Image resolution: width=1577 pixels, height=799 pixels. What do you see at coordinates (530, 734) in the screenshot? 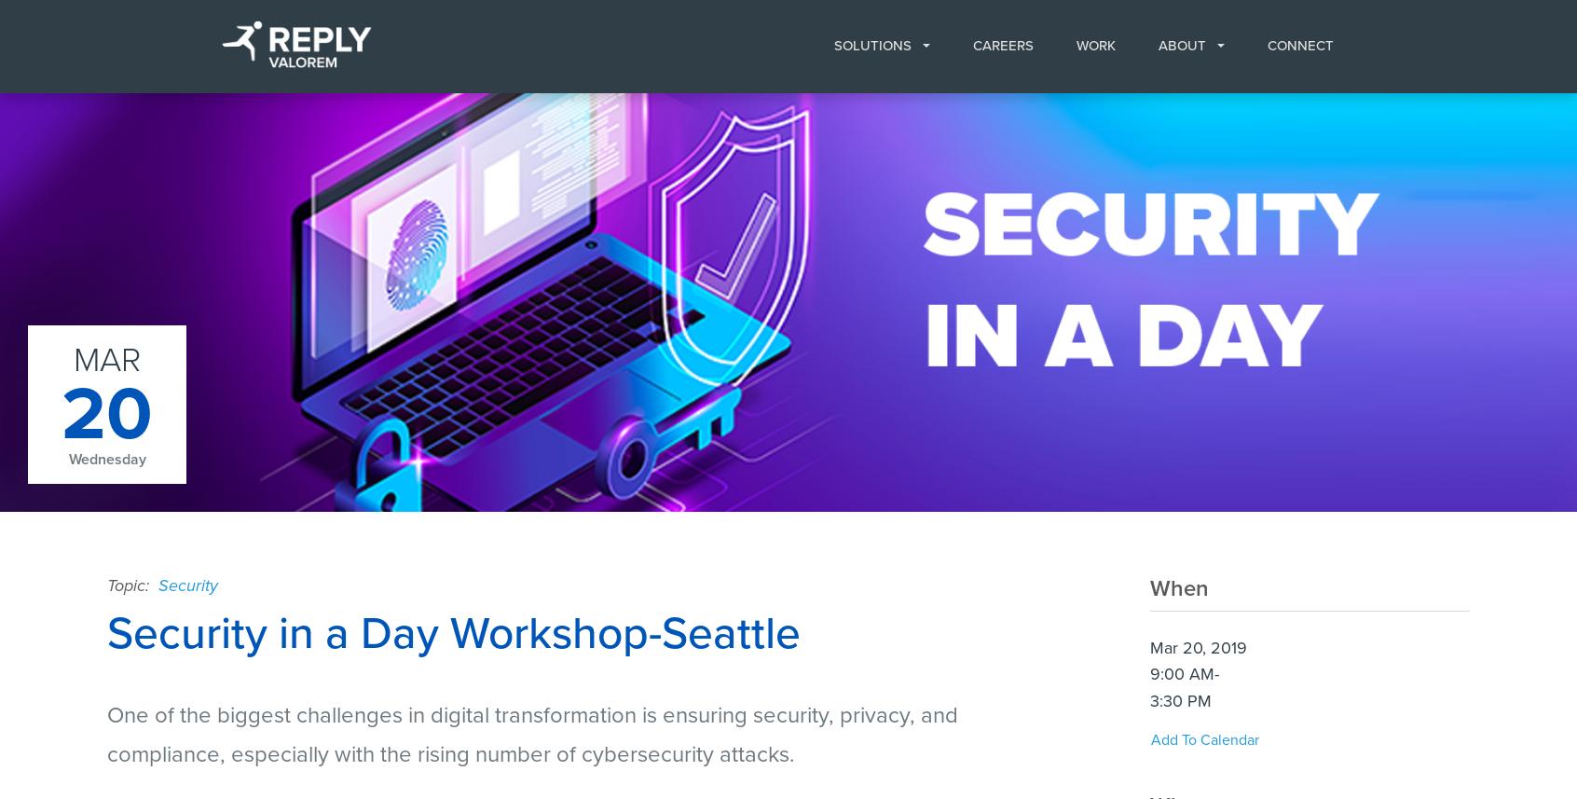
I see `'One of the biggest challenges in digital transformation is ensuring security, privacy, and compliance, especially with the rising number of cybersecurity attacks.'` at bounding box center [530, 734].